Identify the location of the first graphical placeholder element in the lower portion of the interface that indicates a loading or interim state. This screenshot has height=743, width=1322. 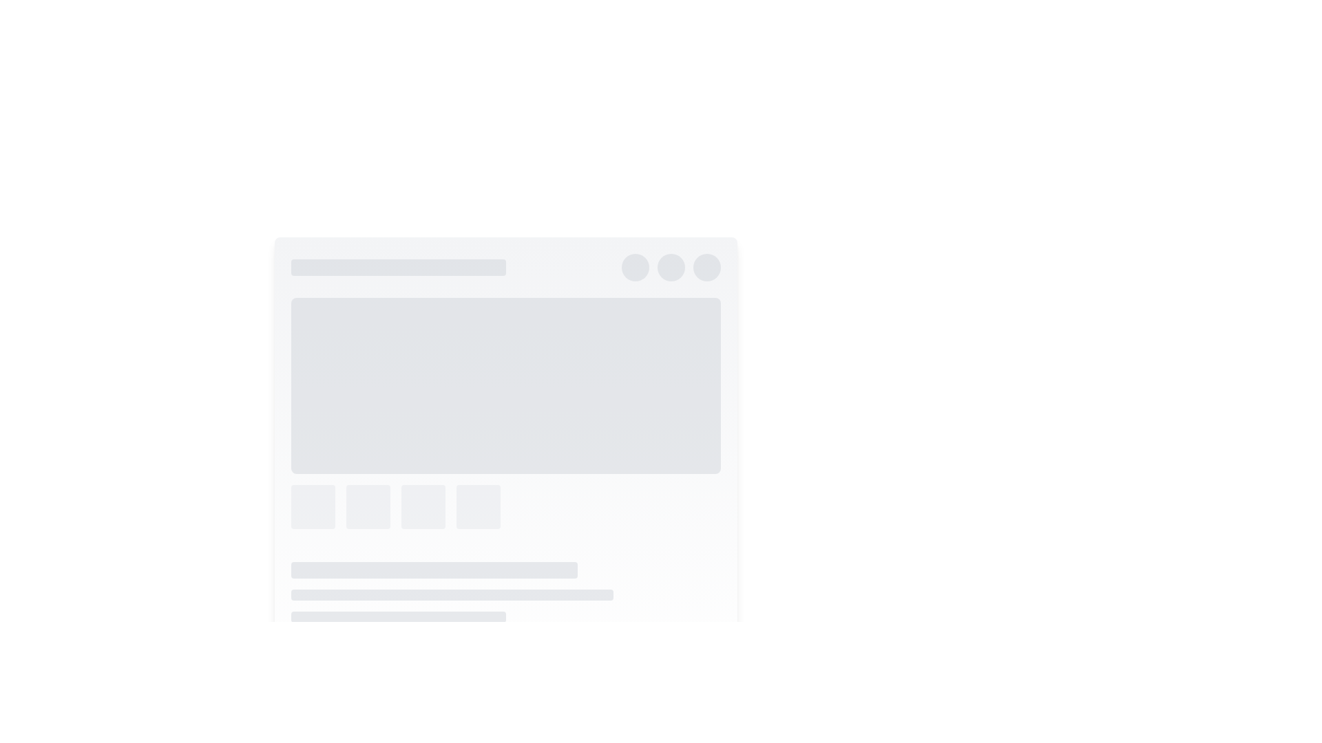
(312, 506).